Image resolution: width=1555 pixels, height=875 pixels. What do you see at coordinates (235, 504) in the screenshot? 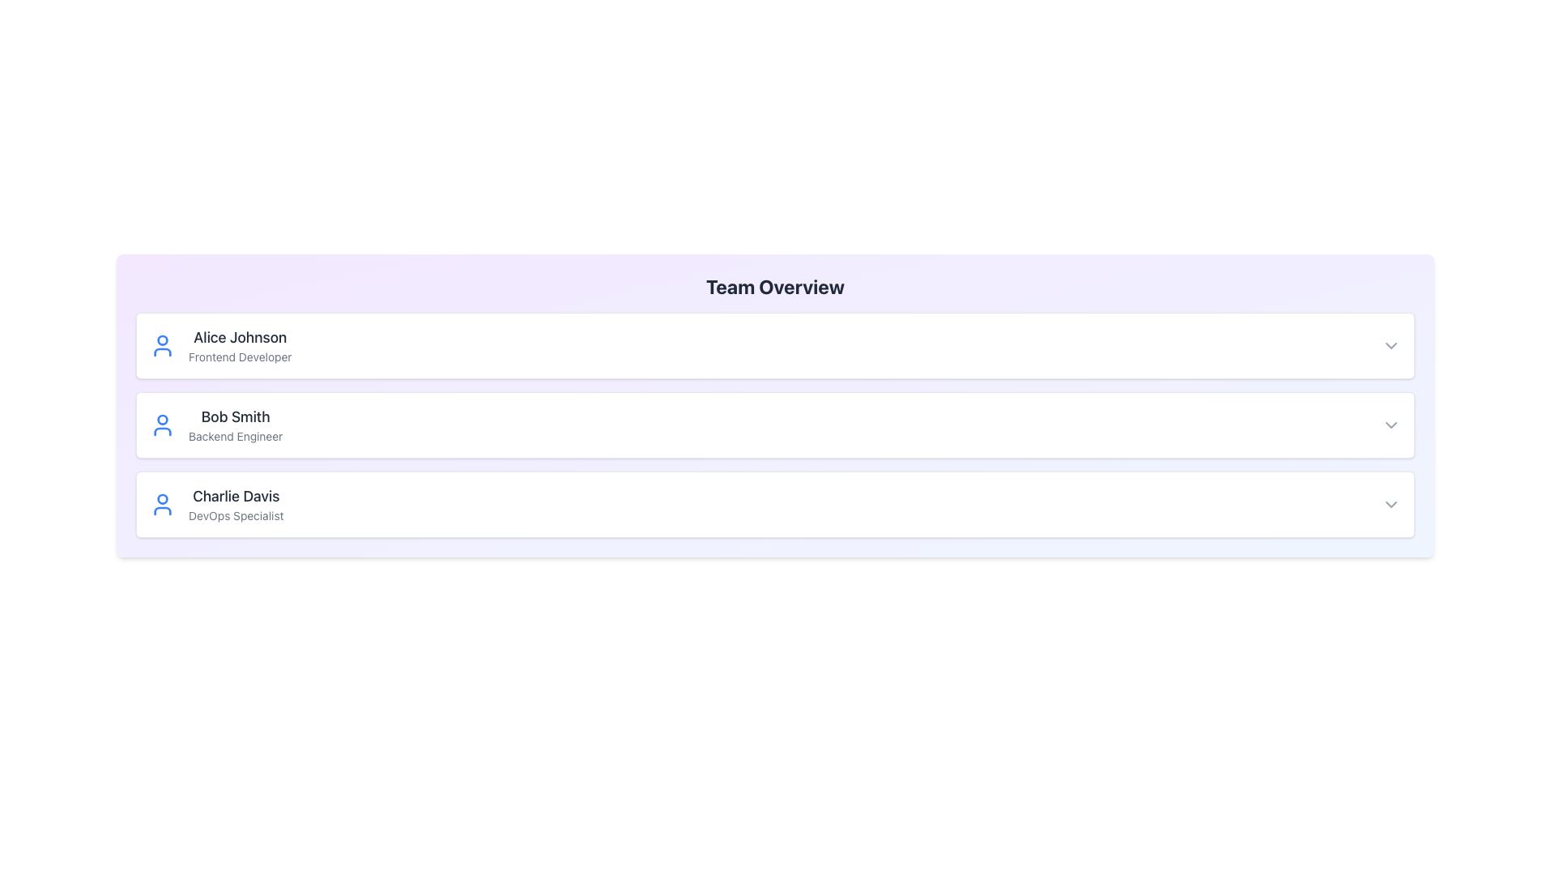
I see `information presented in the text block containing 'Charlie Davis' and 'DevOps Specialist' in the third card of the team members list` at bounding box center [235, 504].